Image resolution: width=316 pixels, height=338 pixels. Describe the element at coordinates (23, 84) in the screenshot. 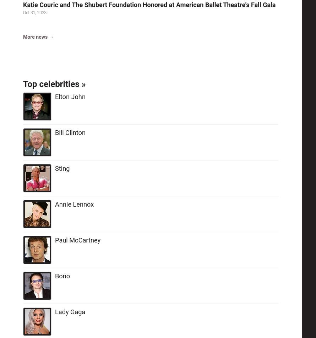

I see `'Top celebrities'` at that location.